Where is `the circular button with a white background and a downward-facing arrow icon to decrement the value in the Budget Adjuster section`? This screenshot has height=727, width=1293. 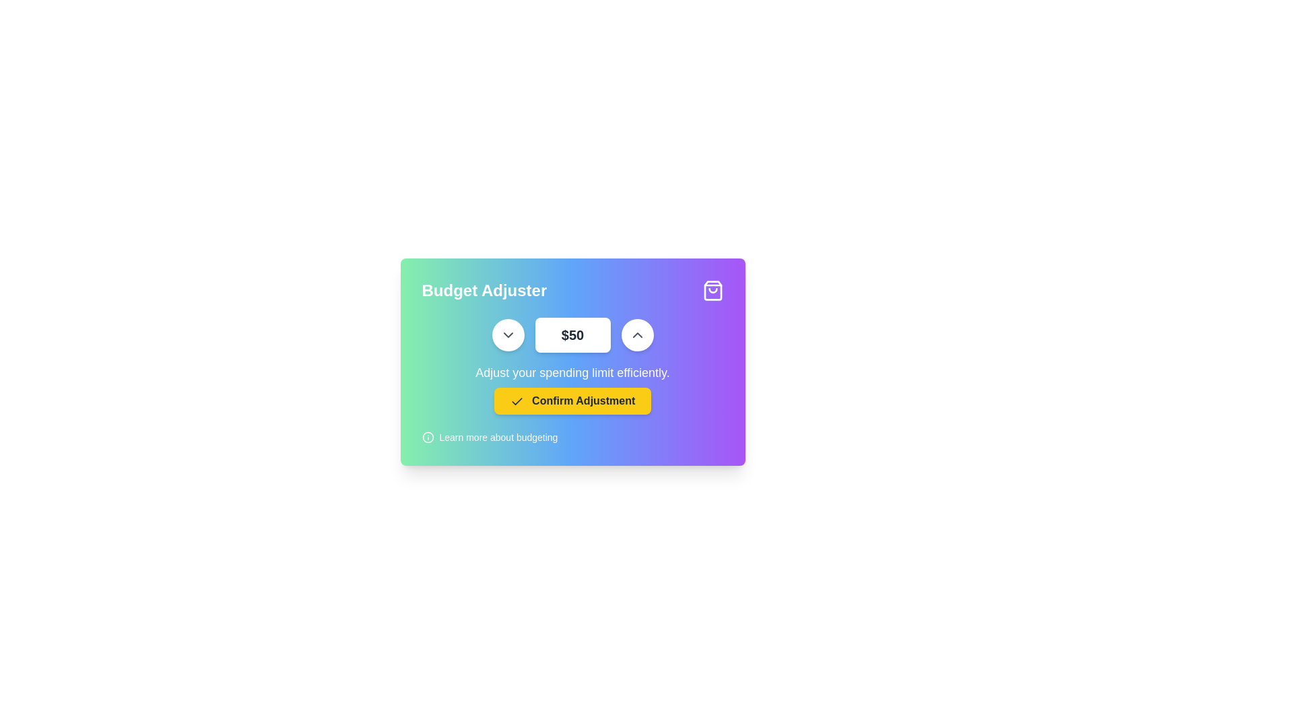 the circular button with a white background and a downward-facing arrow icon to decrement the value in the Budget Adjuster section is located at coordinates (507, 334).